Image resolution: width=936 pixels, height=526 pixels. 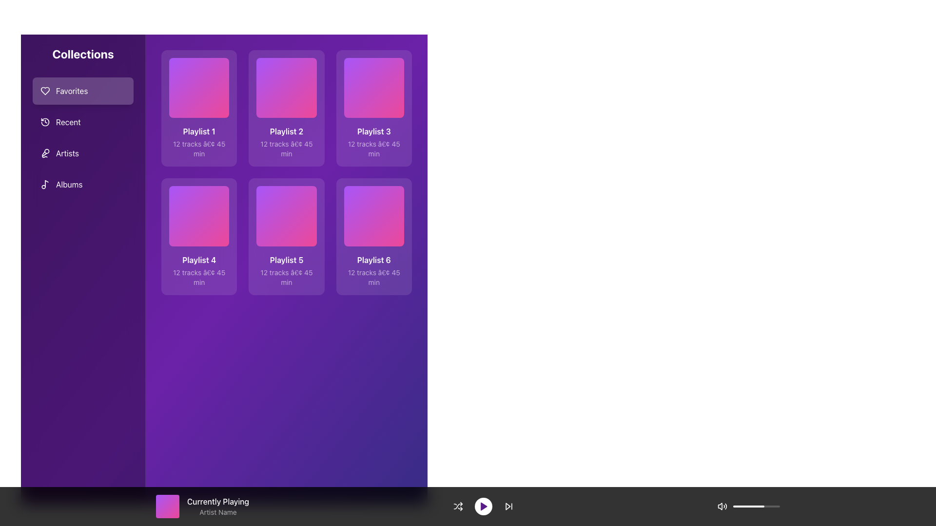 I want to click on the 'Artists' navigation link, the third item in the navigation menu under the 'Collections' header, so click(x=67, y=153).